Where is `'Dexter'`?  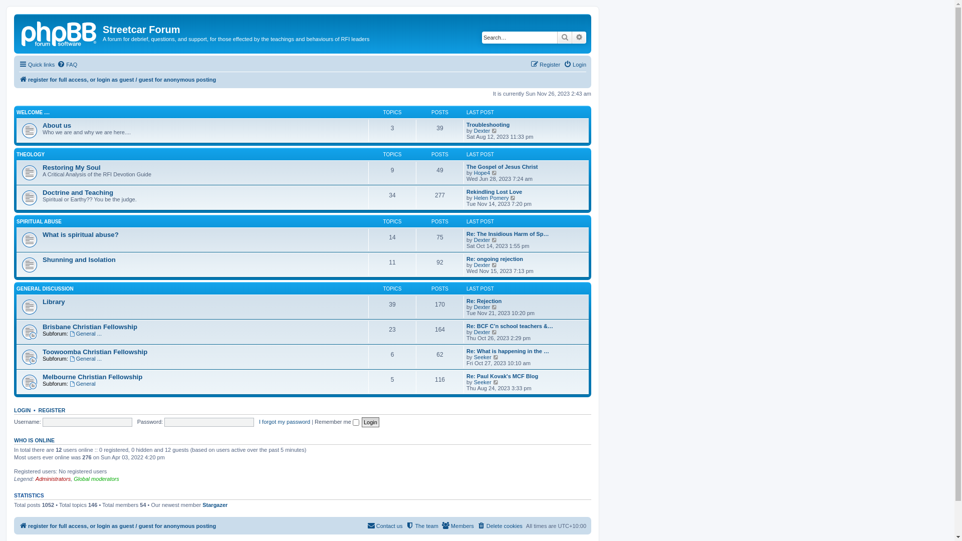
'Dexter' is located at coordinates (473, 130).